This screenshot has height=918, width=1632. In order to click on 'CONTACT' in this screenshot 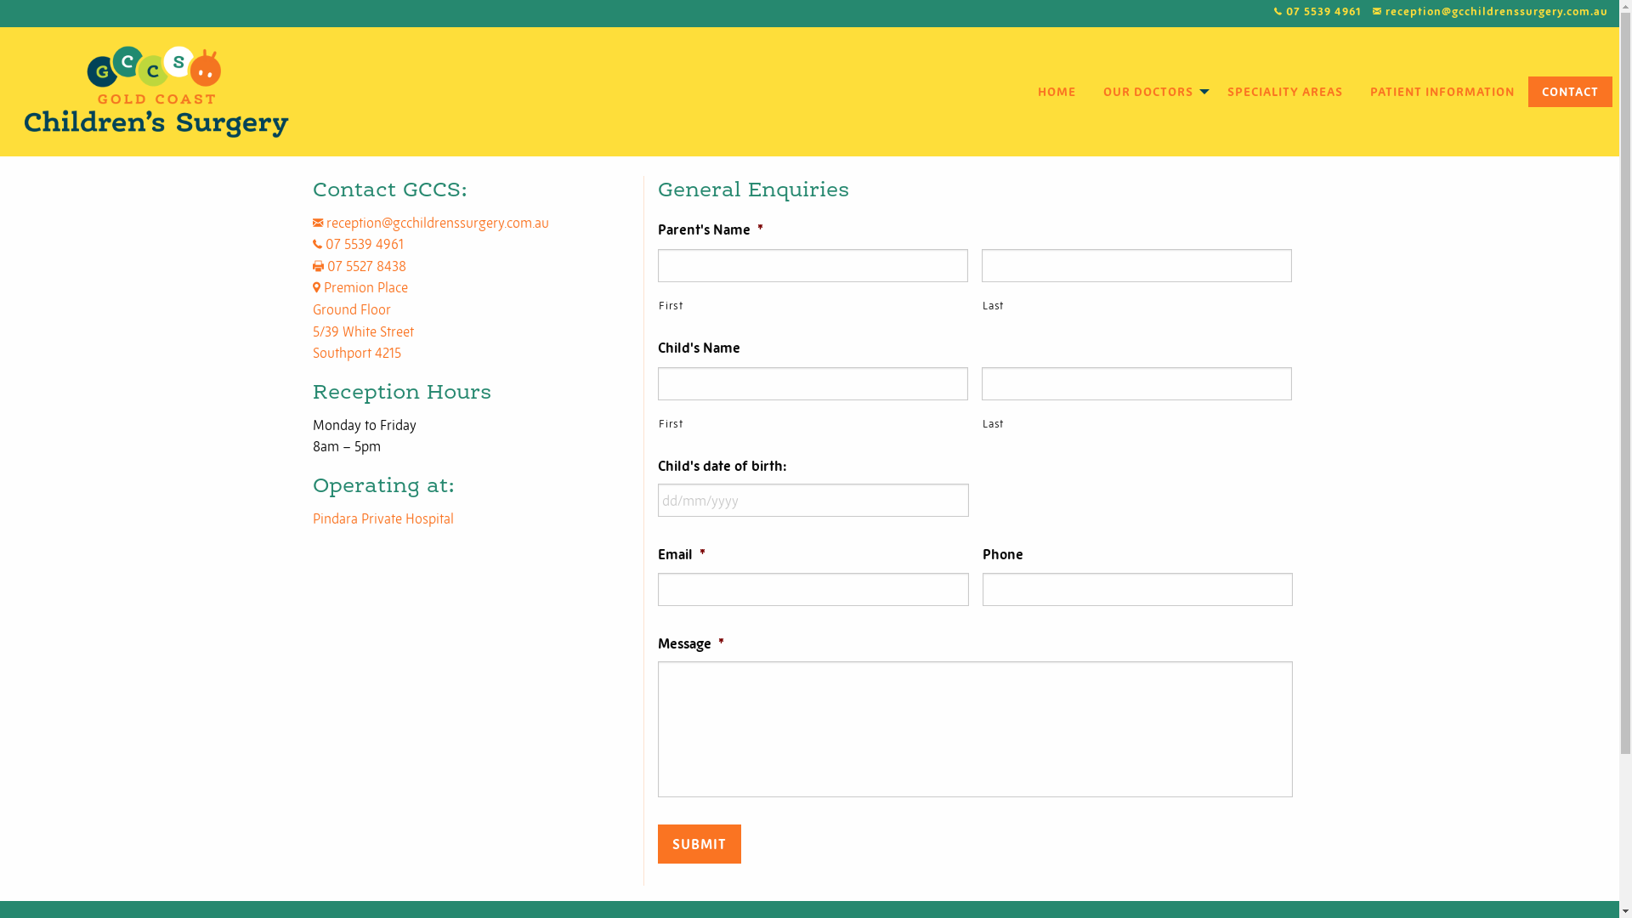, I will do `click(1569, 92)`.